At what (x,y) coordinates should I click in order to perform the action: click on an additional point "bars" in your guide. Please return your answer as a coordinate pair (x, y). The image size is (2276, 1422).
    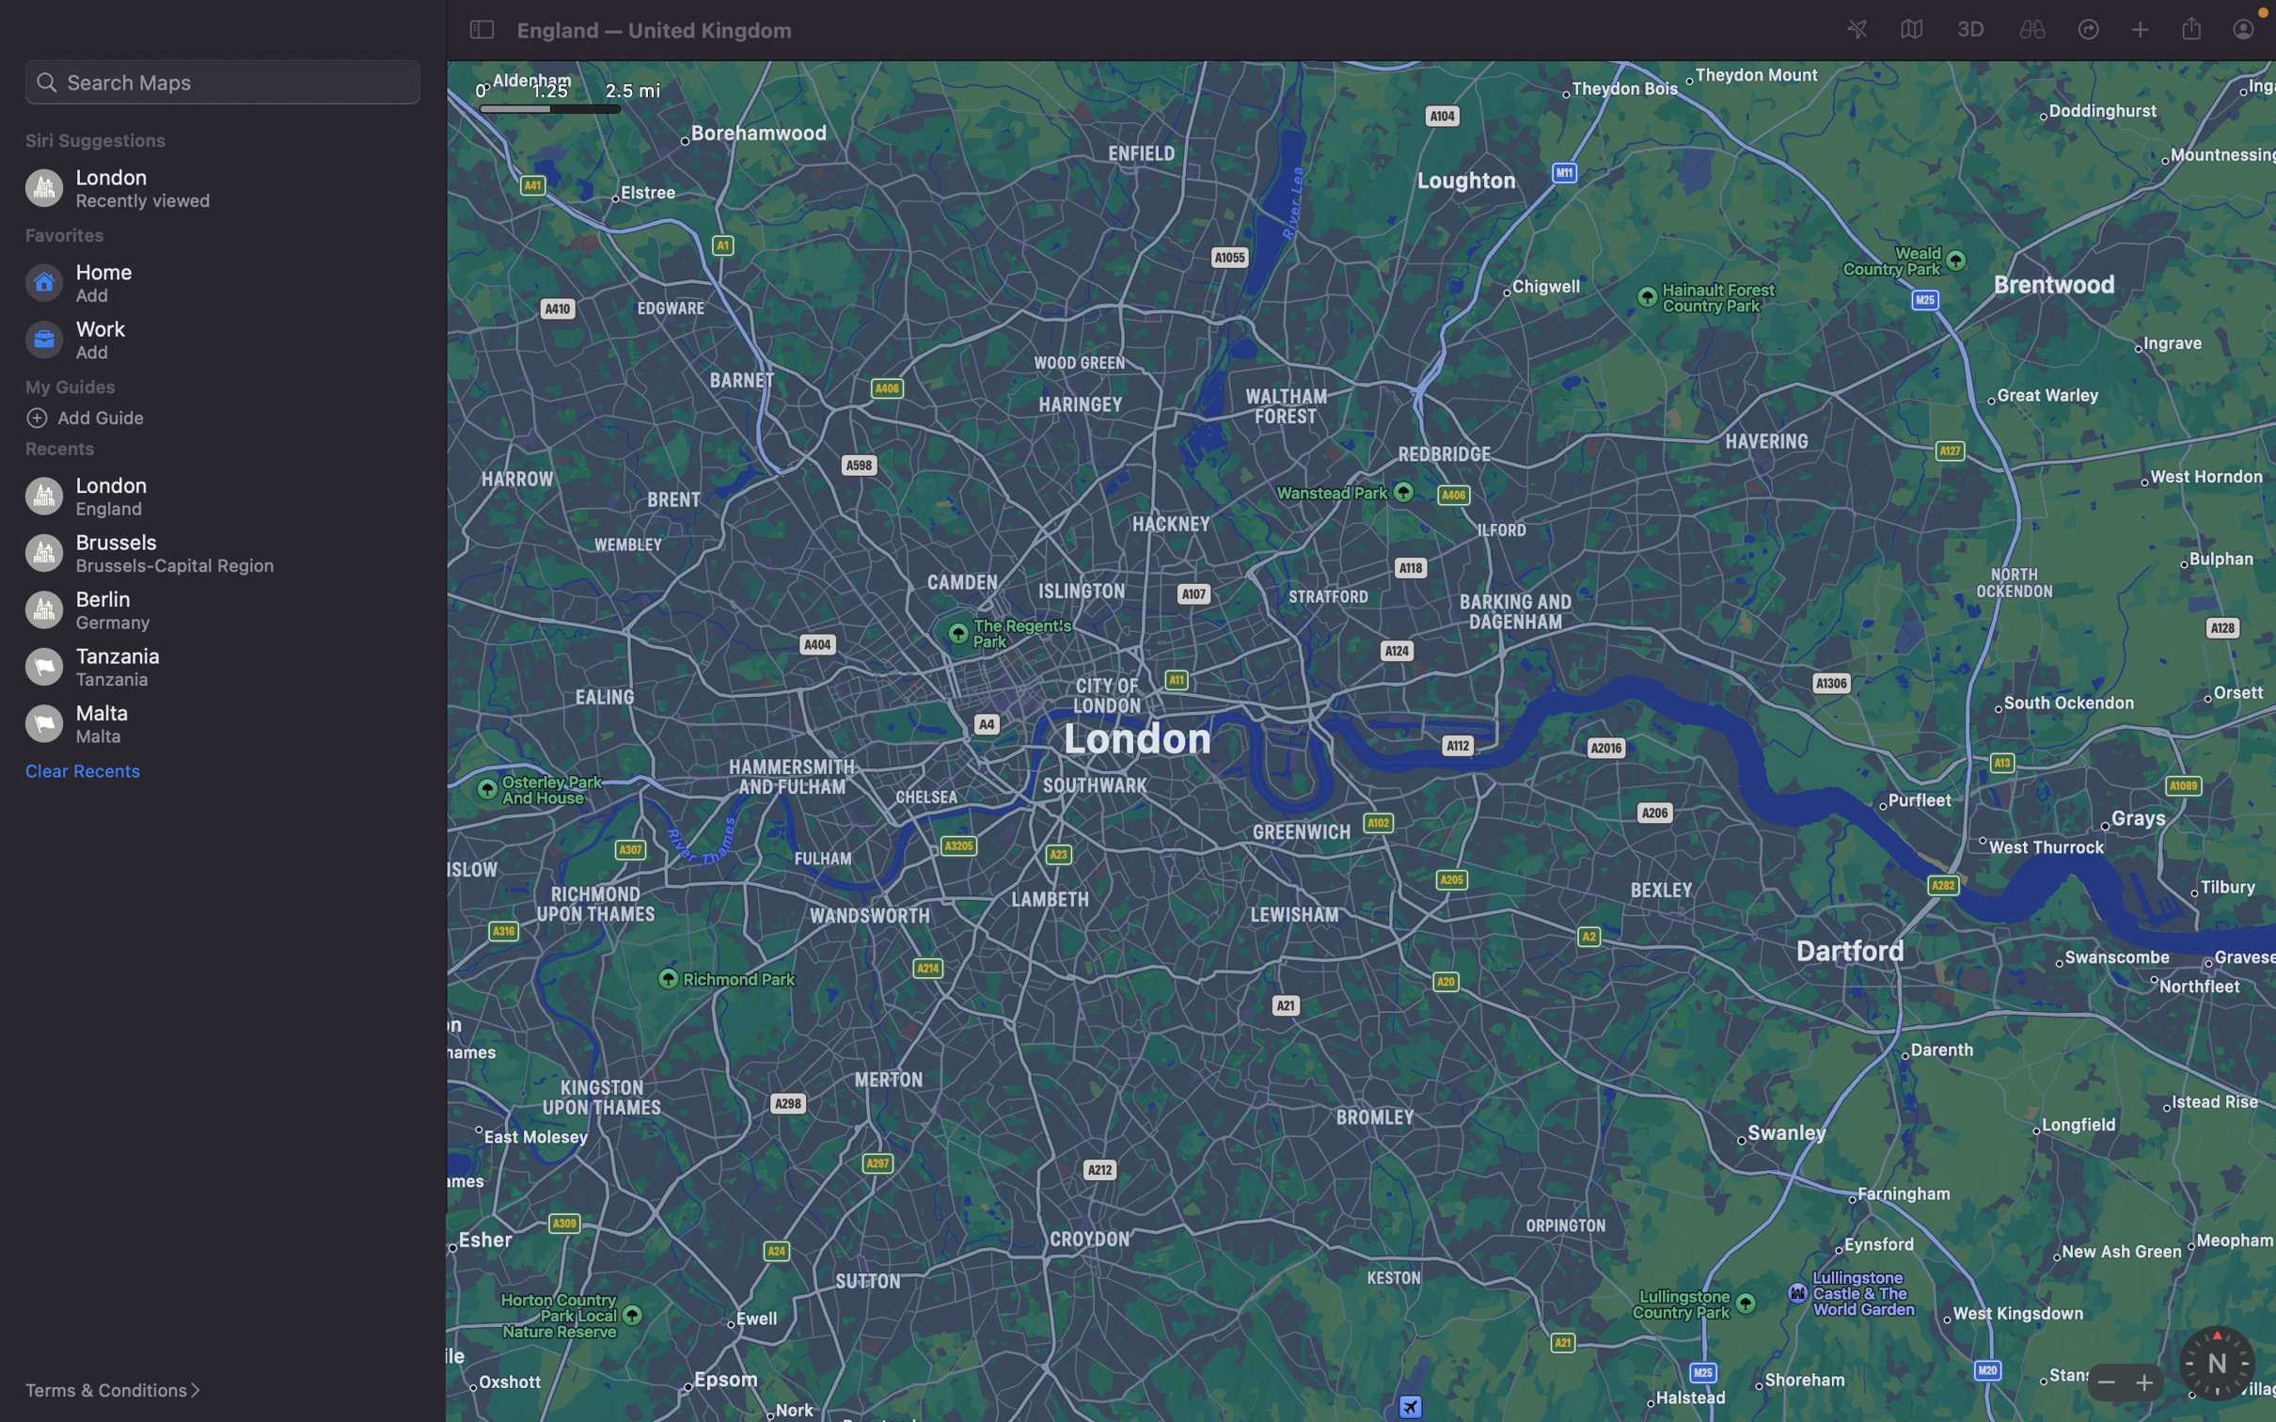
    Looking at the image, I should click on (229, 417).